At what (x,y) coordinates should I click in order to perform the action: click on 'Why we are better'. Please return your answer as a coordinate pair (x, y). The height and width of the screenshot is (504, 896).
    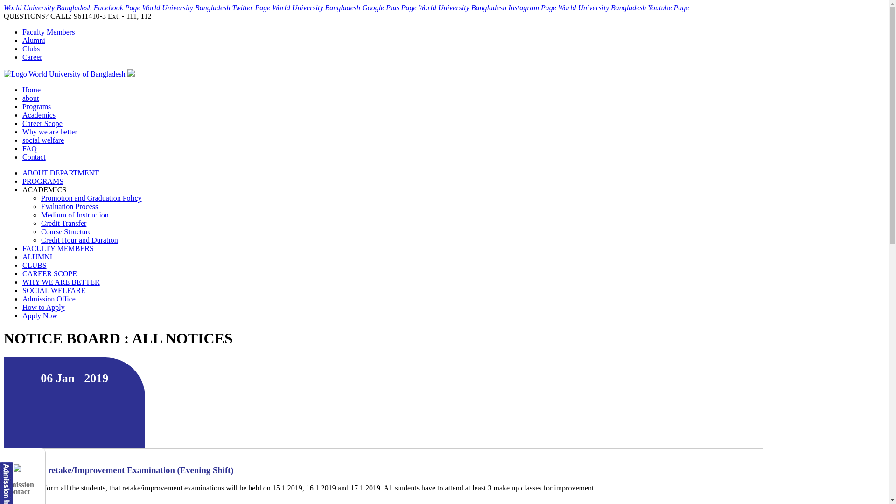
    Looking at the image, I should click on (49, 132).